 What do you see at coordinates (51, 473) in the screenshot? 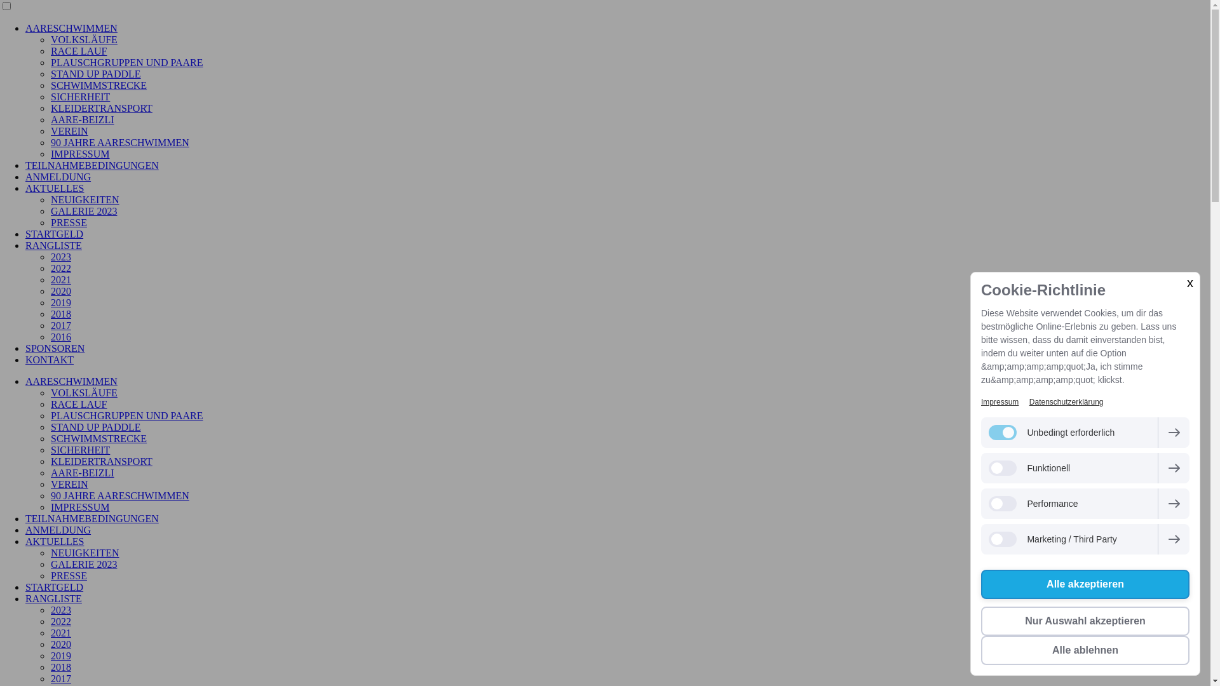
I see `'AARE-BEIZLI'` at bounding box center [51, 473].